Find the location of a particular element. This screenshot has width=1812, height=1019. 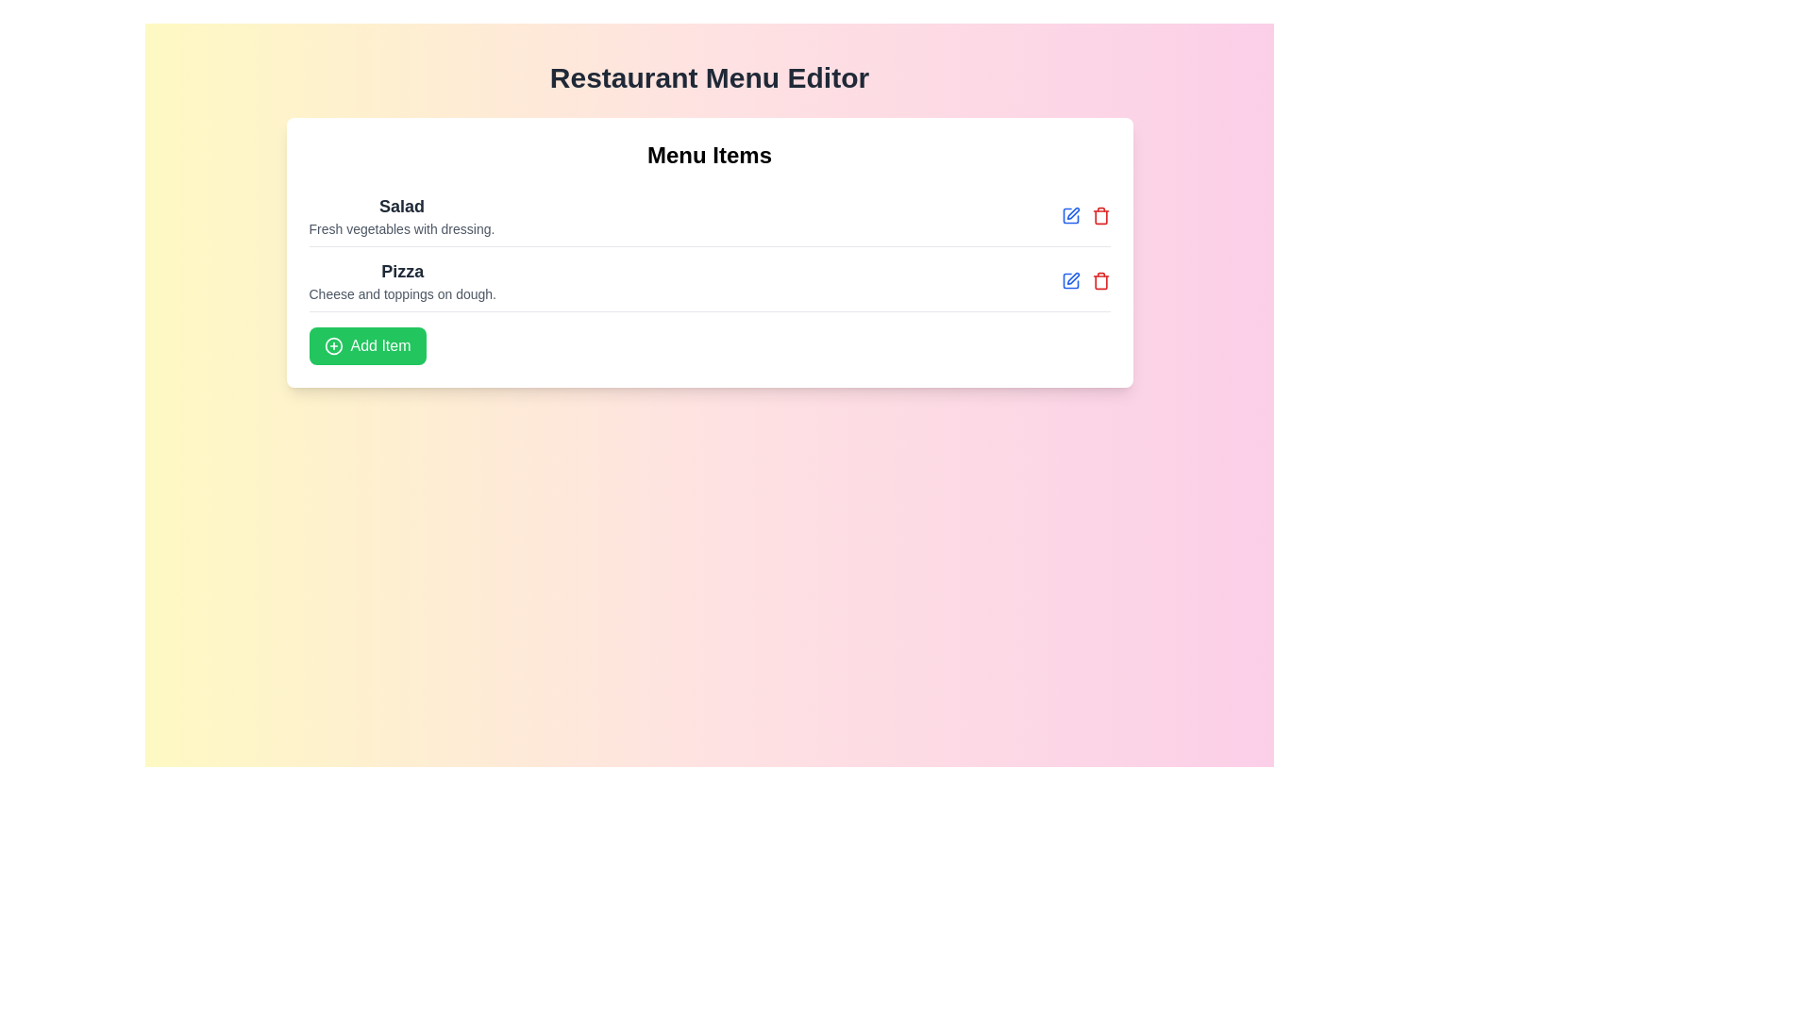

the 'Add Item' button to add a new menu item is located at coordinates (367, 345).